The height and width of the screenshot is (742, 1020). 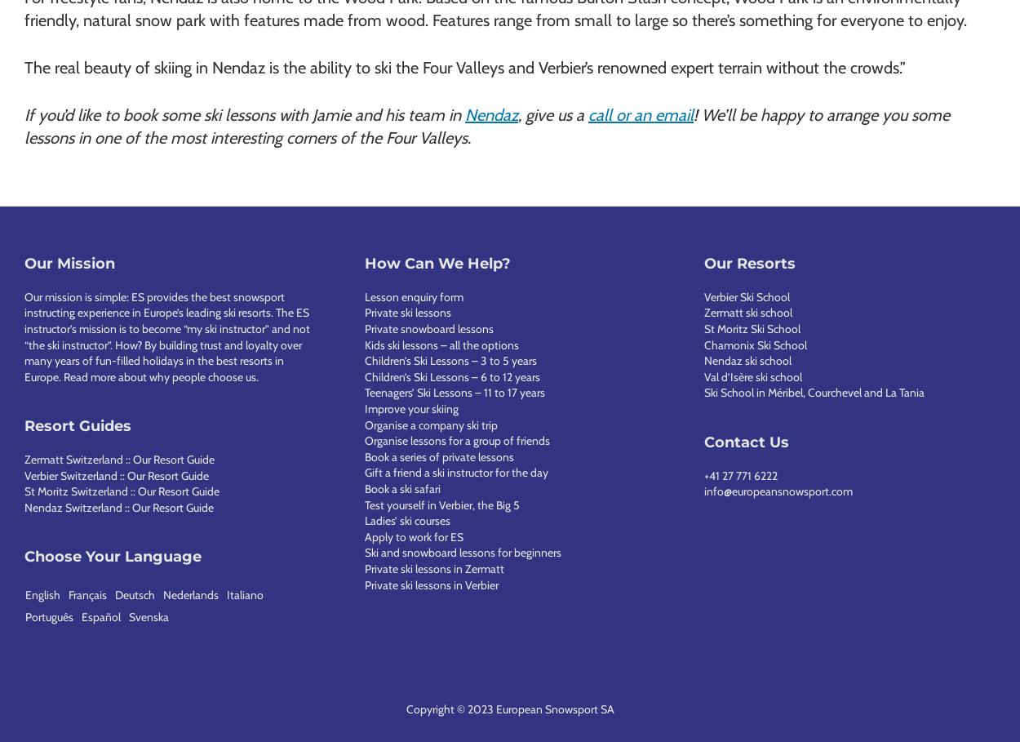 What do you see at coordinates (747, 295) in the screenshot?
I see `'Verbier Ski School'` at bounding box center [747, 295].